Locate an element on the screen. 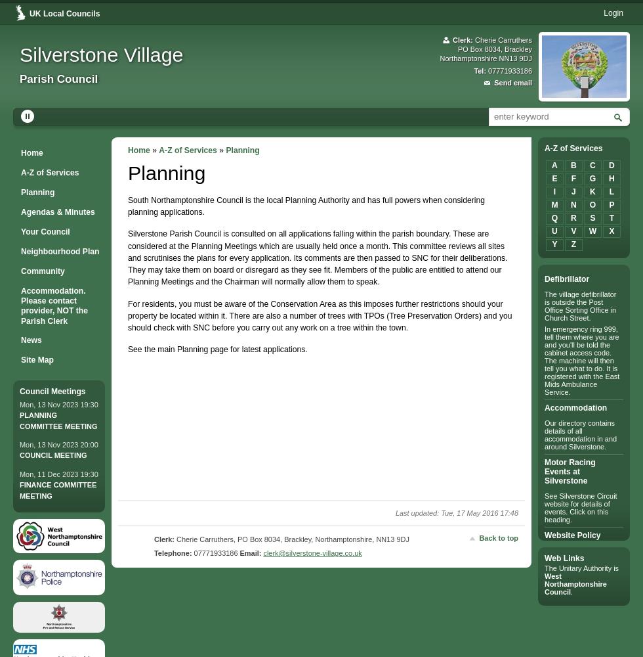  'News' is located at coordinates (31, 340).